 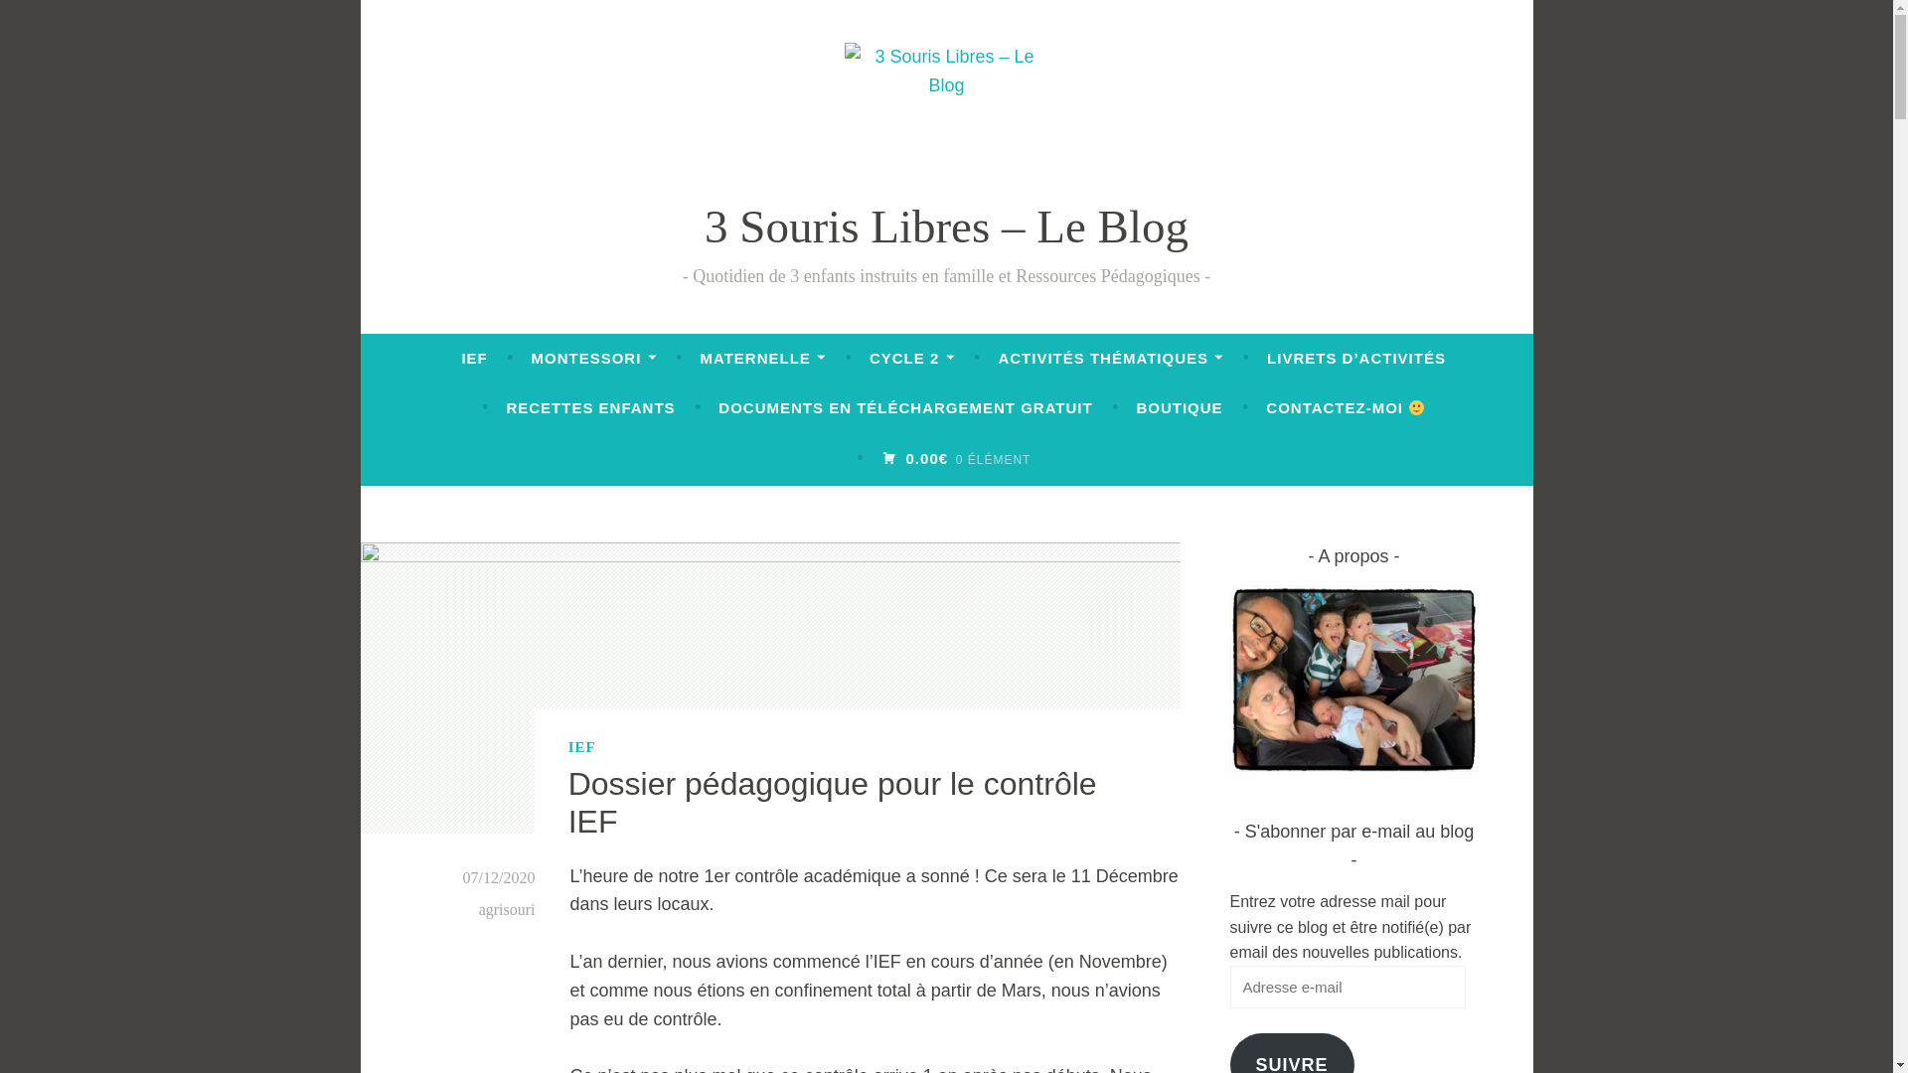 What do you see at coordinates (1345, 407) in the screenshot?
I see `'CONTACTEZ-MOI'` at bounding box center [1345, 407].